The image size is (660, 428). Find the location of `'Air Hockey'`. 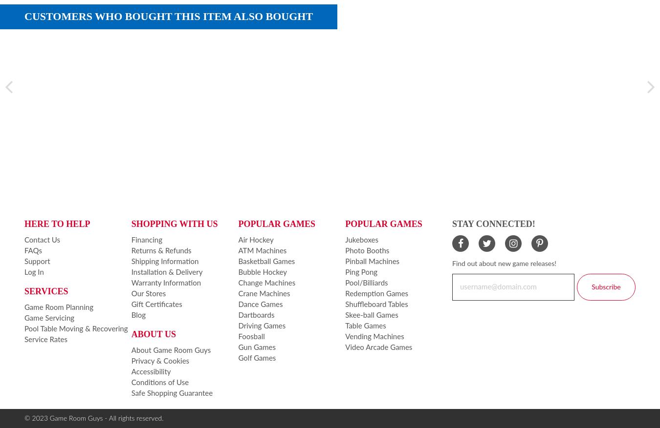

'Air Hockey' is located at coordinates (255, 239).